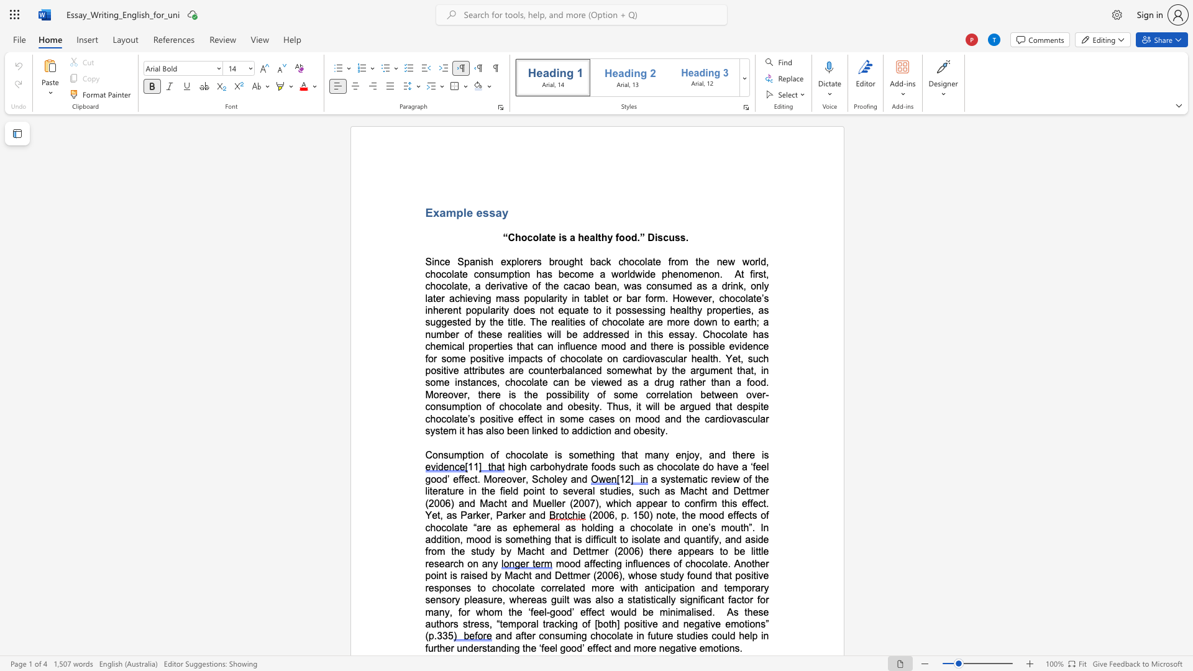  I want to click on the space between the continuous character "p" and "o" in the text, so click(621, 309).